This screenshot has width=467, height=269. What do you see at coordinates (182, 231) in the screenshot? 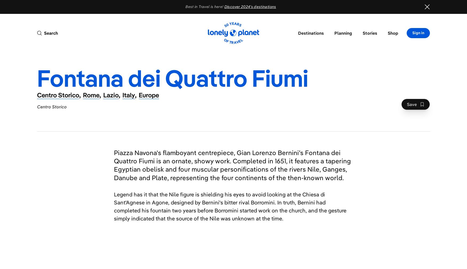
I see `'With its theatrical facade and rich, domed interior, the Chiesa di Sant’Agnese in Agone is typical of Francesco Borromini’s baroque style. The church,…'` at bounding box center [182, 231].